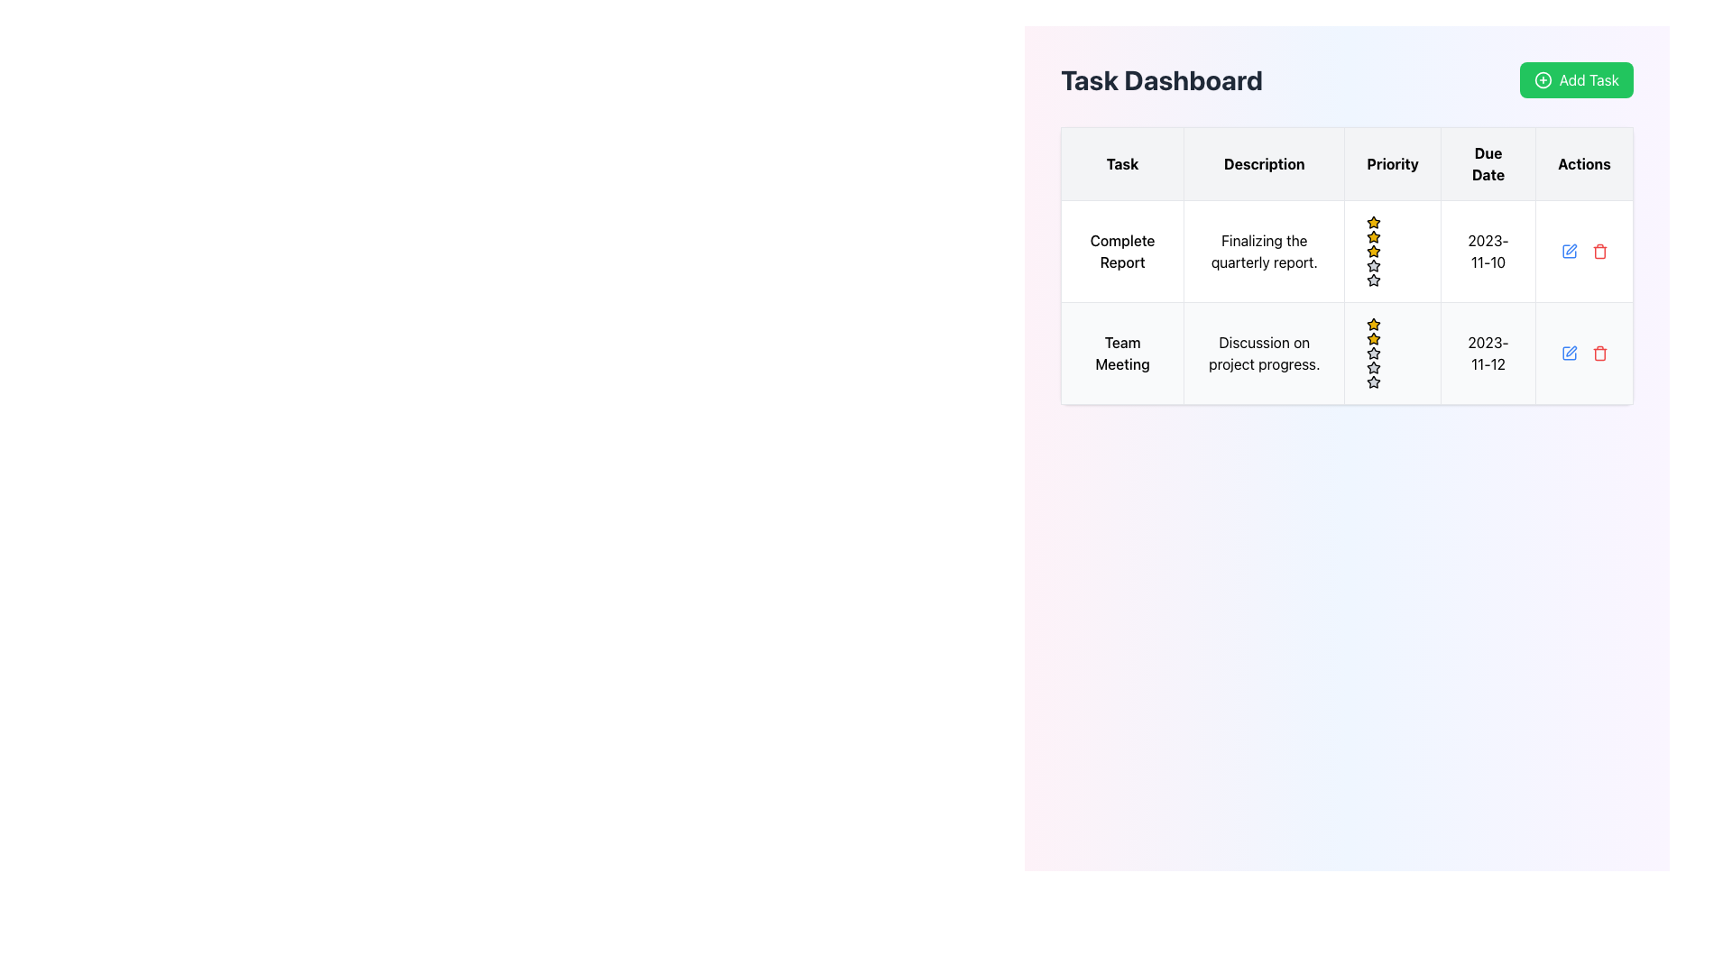 This screenshot has height=974, width=1732. I want to click on the second star icon in the 'Priority' column of the task table, so click(1373, 353).